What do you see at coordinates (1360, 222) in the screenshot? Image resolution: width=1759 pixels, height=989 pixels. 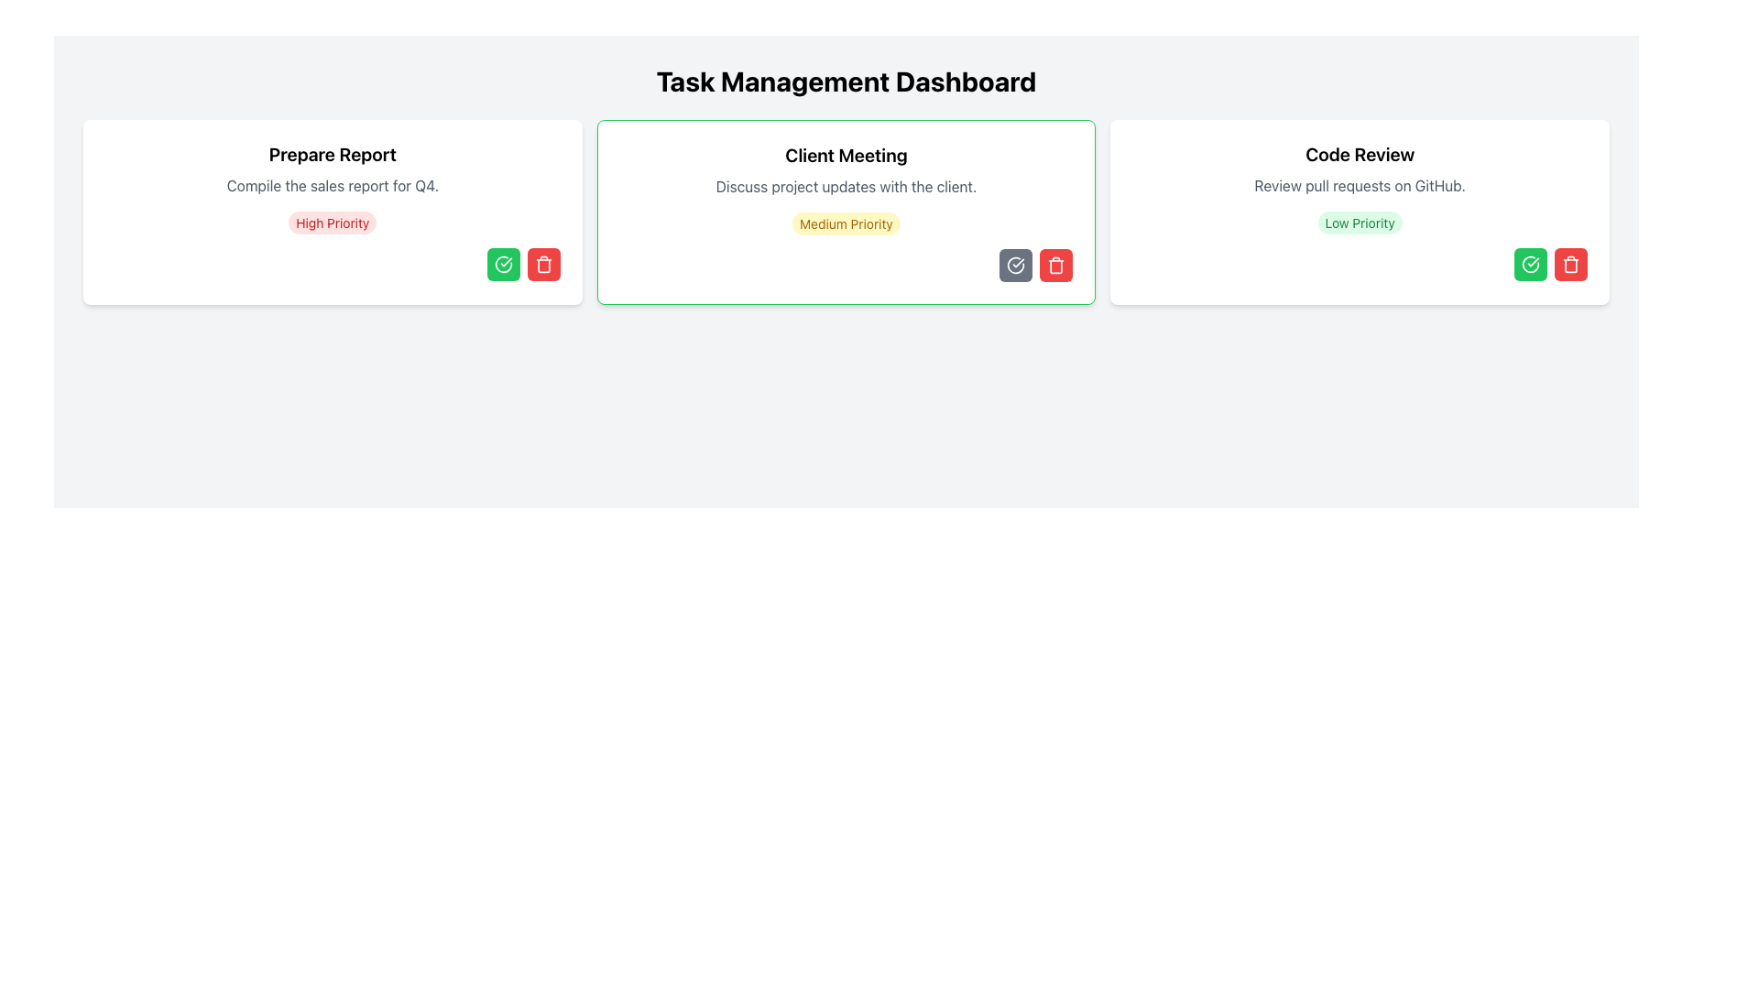 I see `the 'Low Priority' label, which is a rounded rectangular badge with a green background and darker green text, located in the 'Code Review' section above the action buttons` at bounding box center [1360, 222].